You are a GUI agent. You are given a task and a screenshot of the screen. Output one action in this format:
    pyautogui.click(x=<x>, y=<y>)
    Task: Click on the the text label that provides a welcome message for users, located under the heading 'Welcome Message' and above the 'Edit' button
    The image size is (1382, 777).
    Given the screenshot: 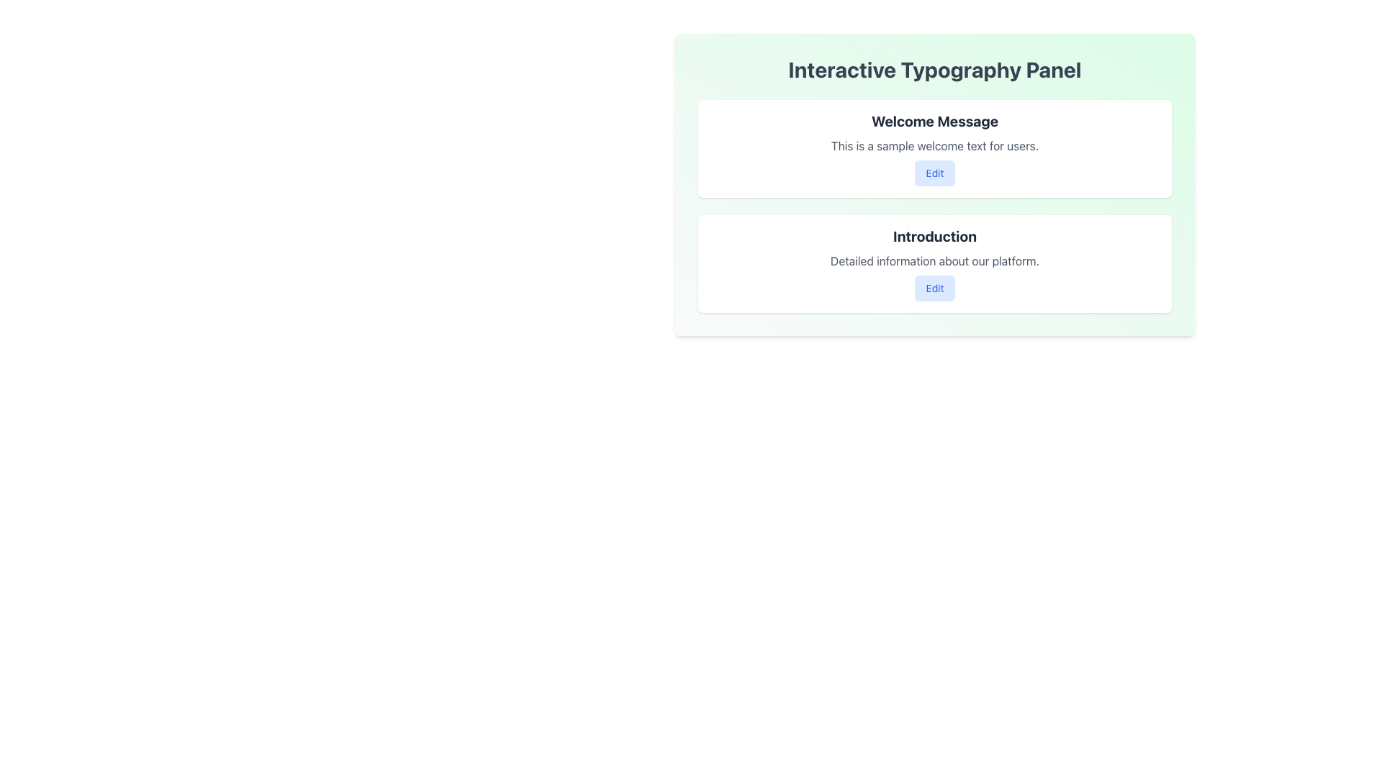 What is the action you would take?
    pyautogui.click(x=935, y=146)
    